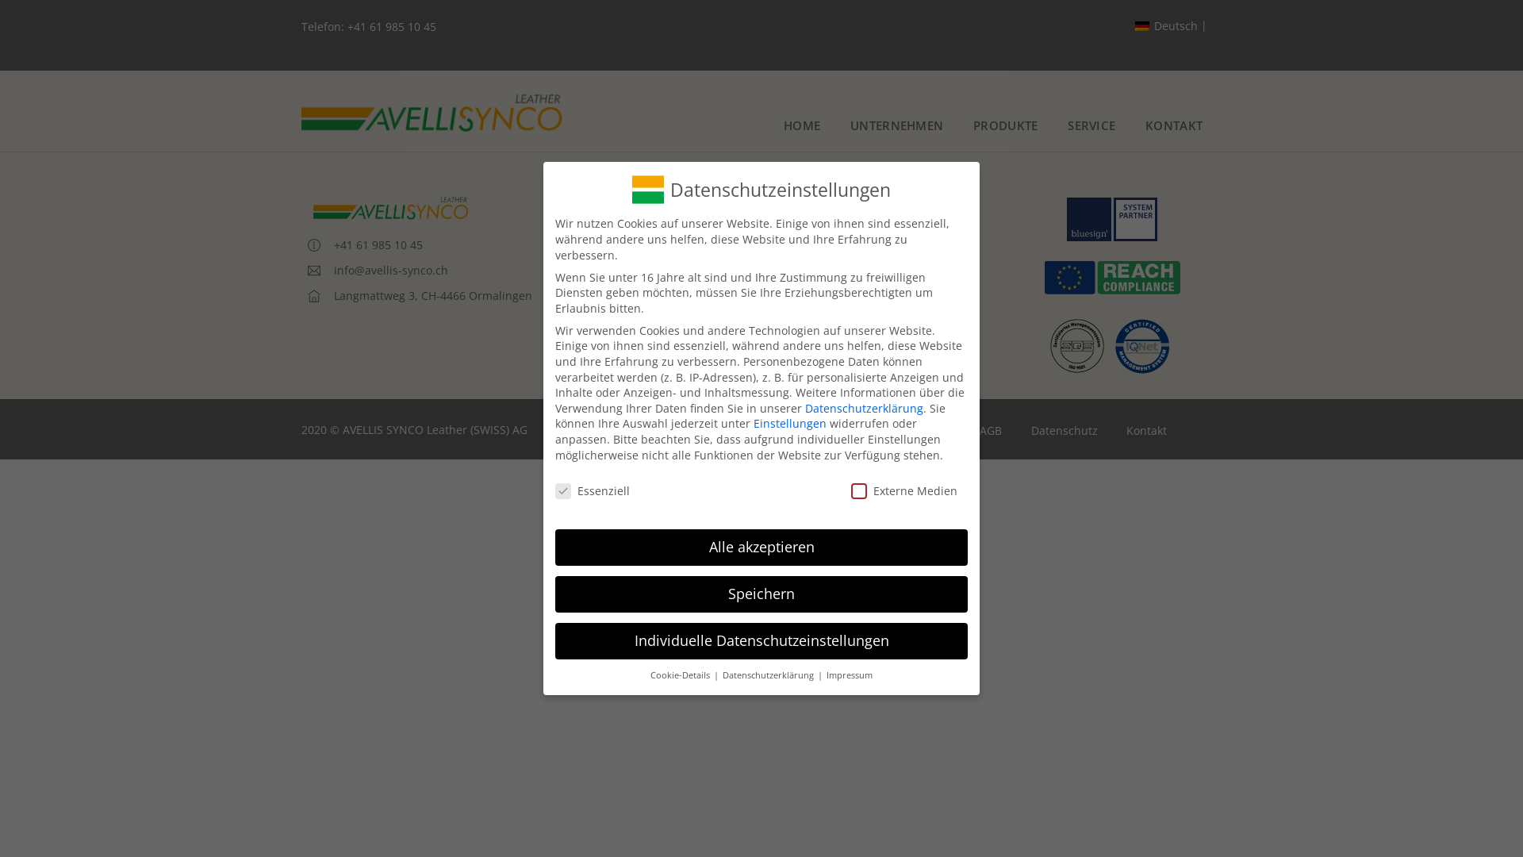  I want to click on '+41 61 985 10 45', so click(364, 244).